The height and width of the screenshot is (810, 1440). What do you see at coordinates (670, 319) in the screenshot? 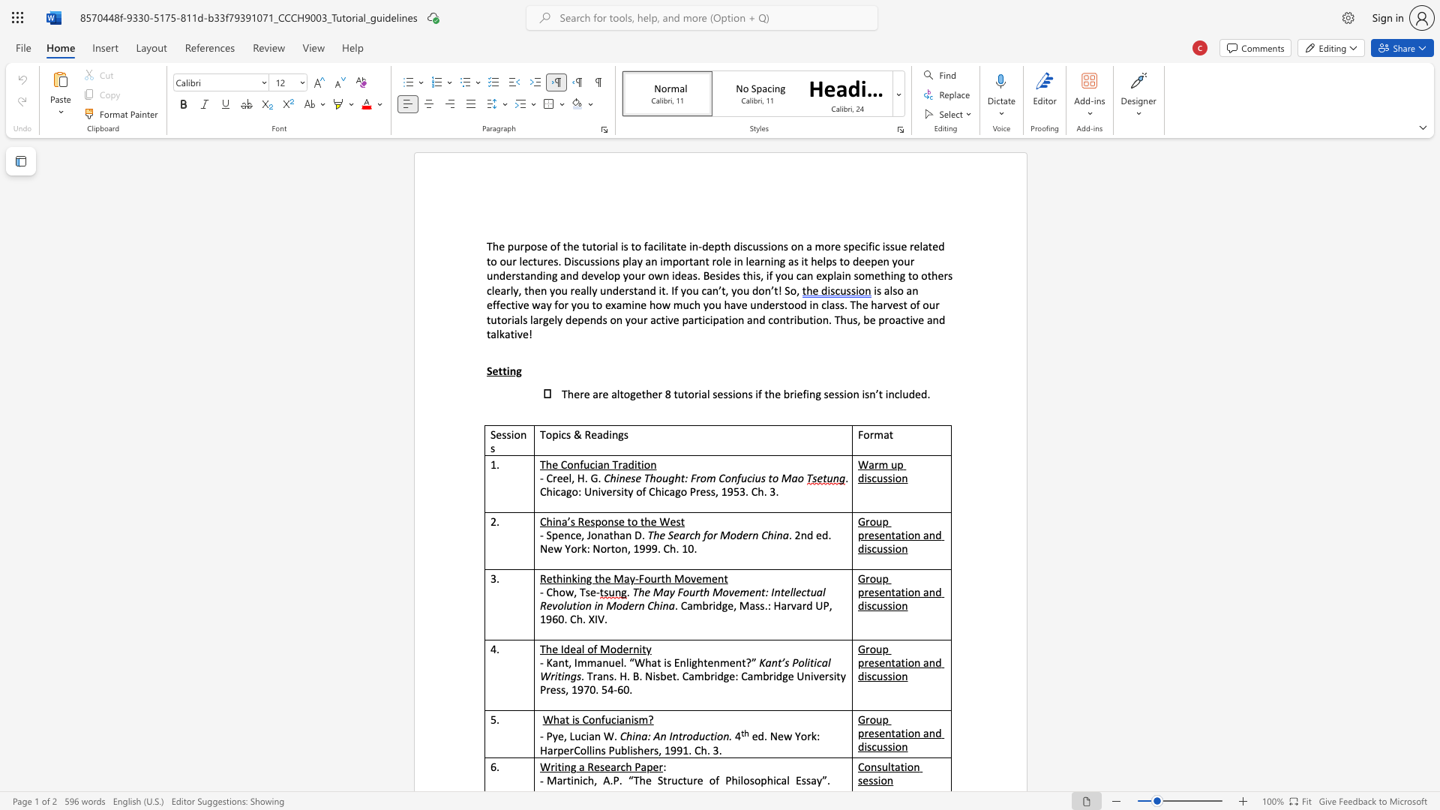
I see `the 1th character "v" in the text` at bounding box center [670, 319].